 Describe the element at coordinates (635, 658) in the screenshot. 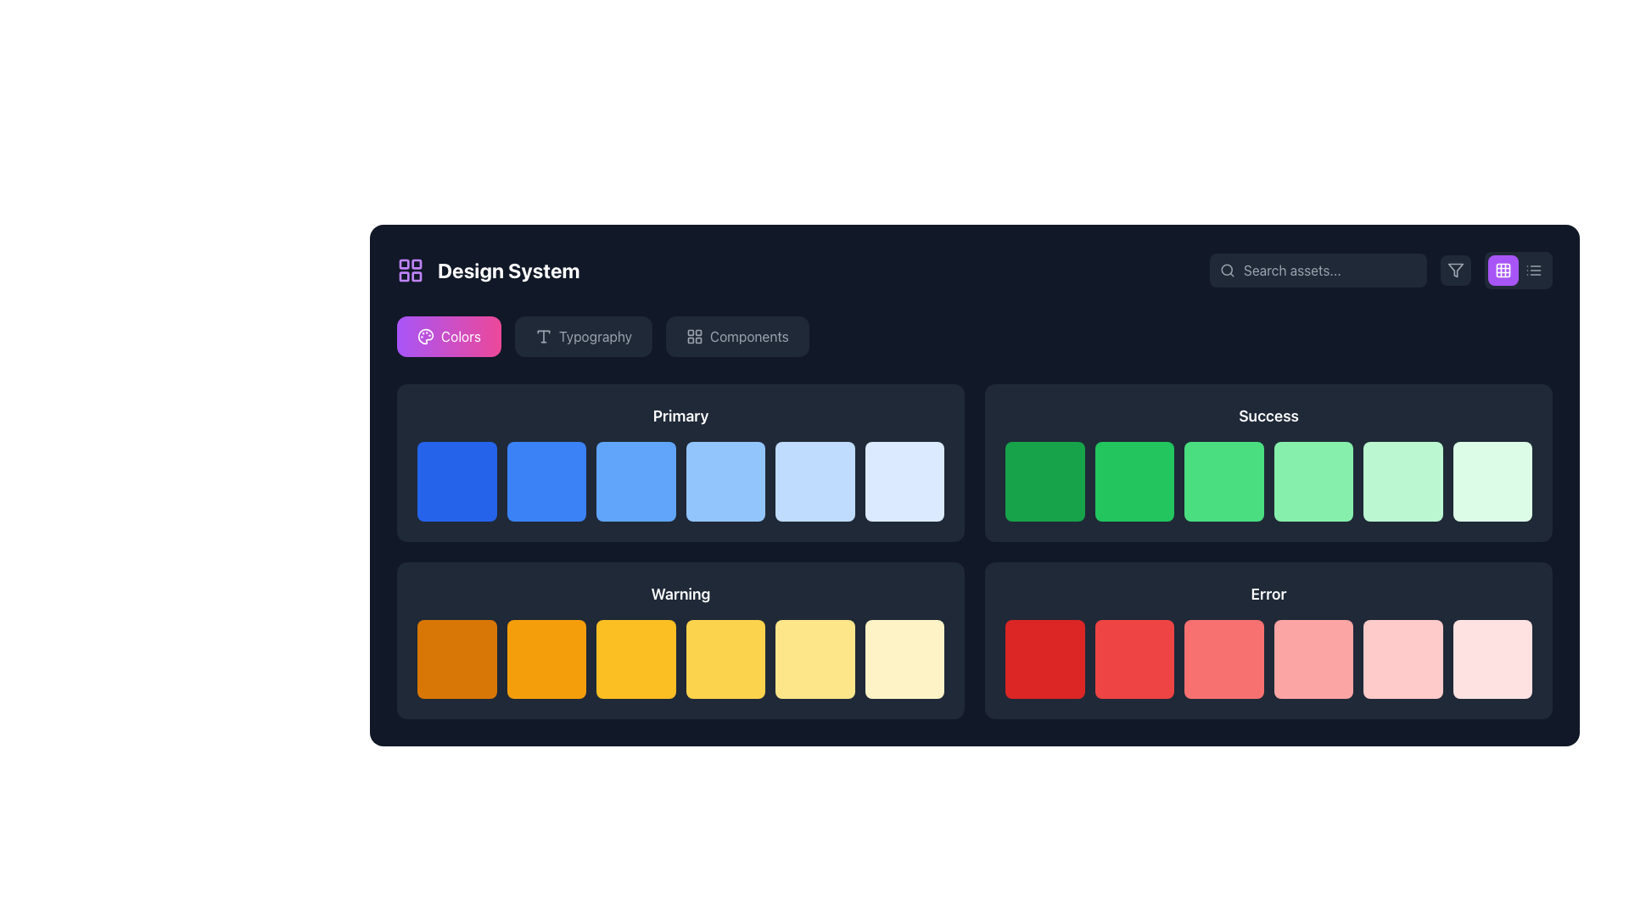

I see `the fourth square from the left in the 'Warning' row of the color options` at that location.